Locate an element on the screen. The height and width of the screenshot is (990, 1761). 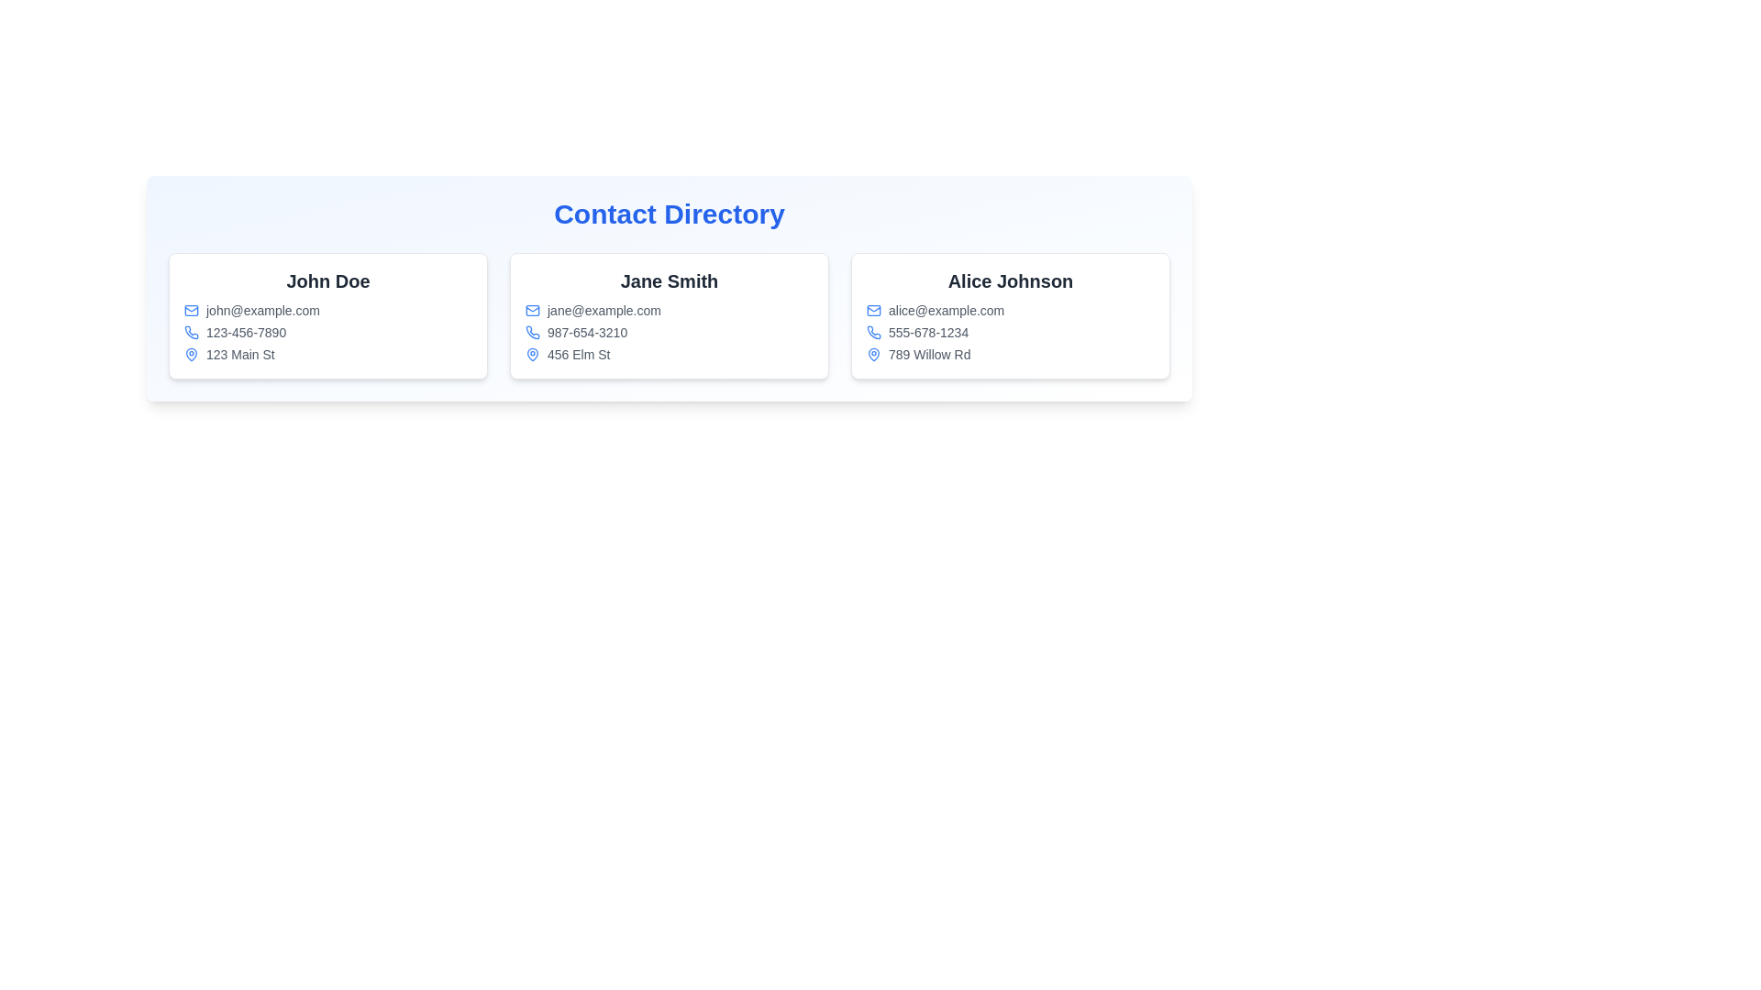
the blue phone icon located to the left of the phone number '123-456-7890' in the contact card for 'John Doe' is located at coordinates (192, 332).